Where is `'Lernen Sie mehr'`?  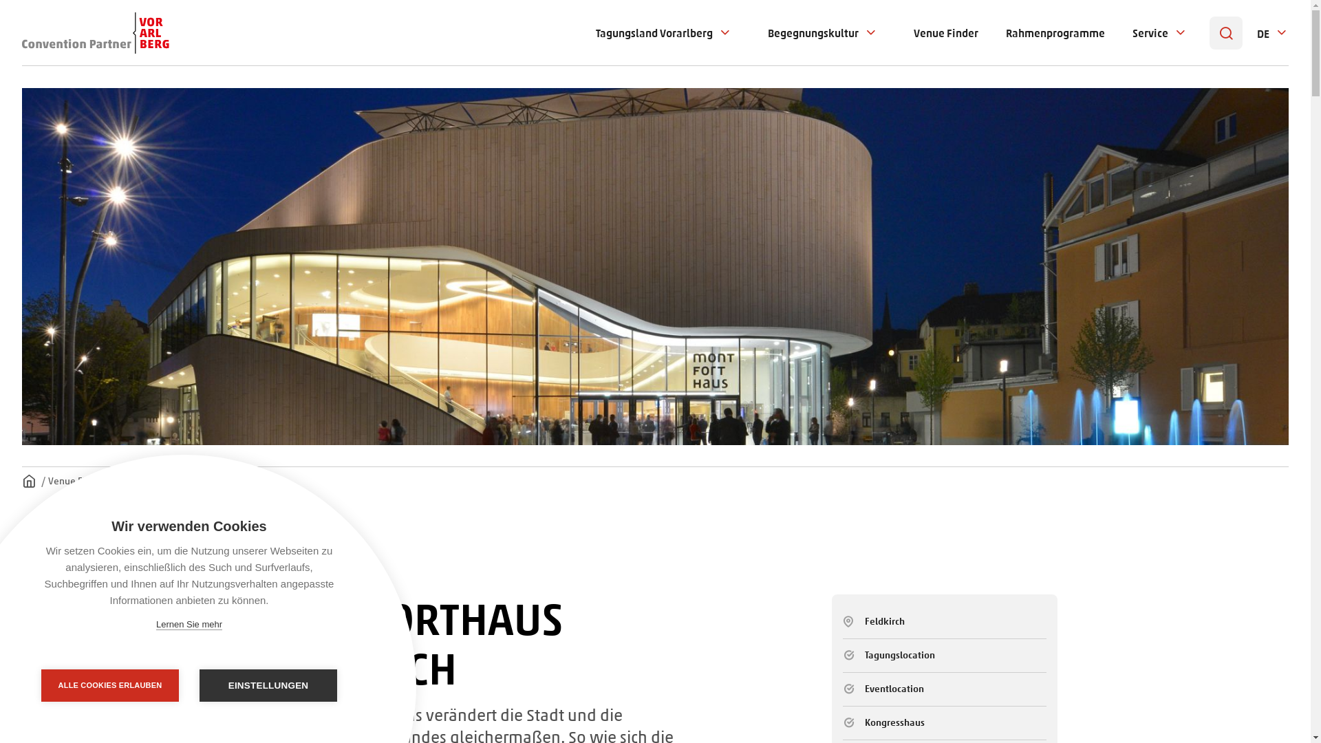
'Lernen Sie mehr' is located at coordinates (188, 624).